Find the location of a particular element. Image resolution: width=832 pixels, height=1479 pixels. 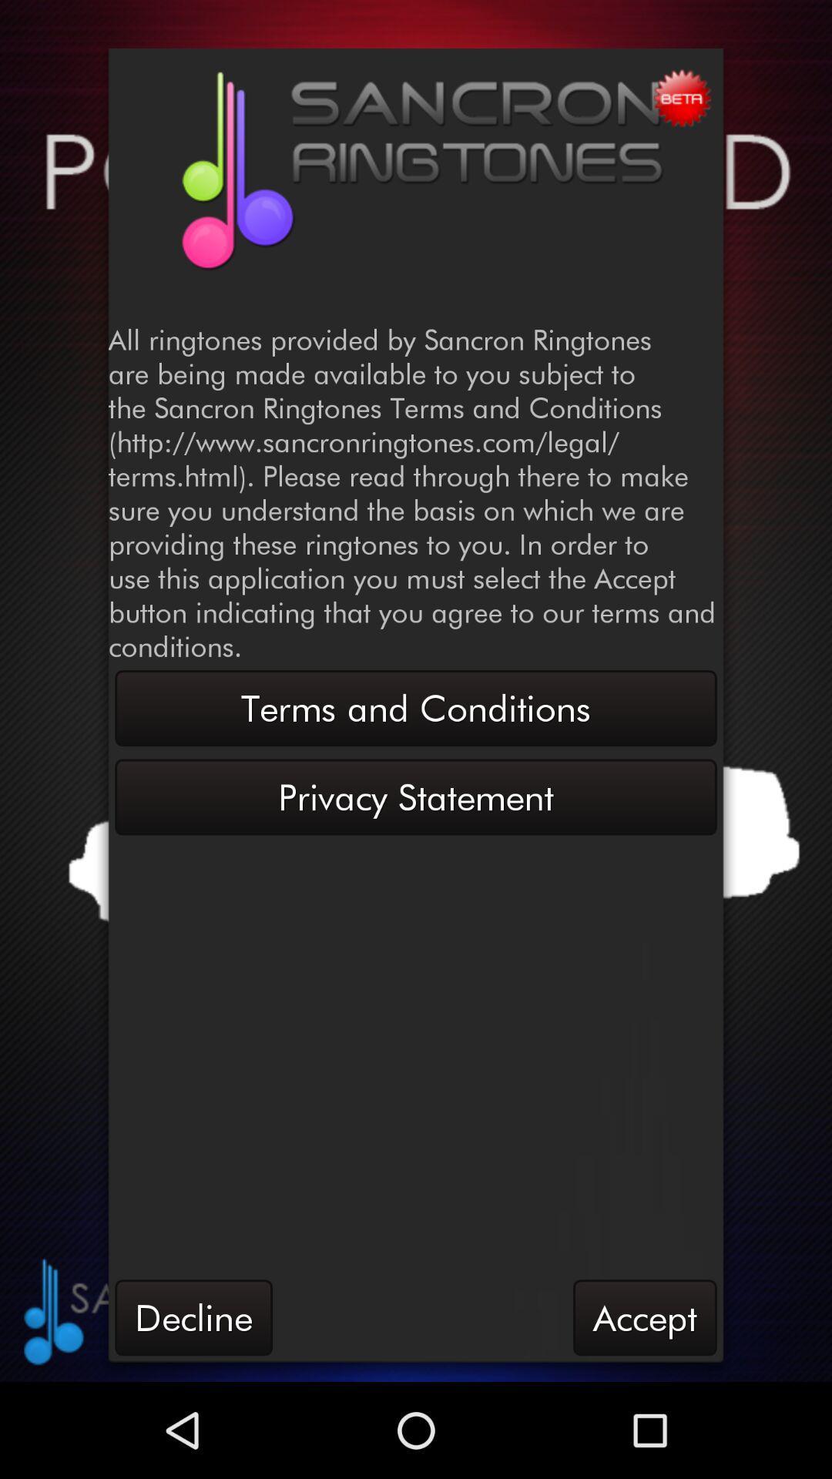

item below privacy statement is located at coordinates (193, 1316).